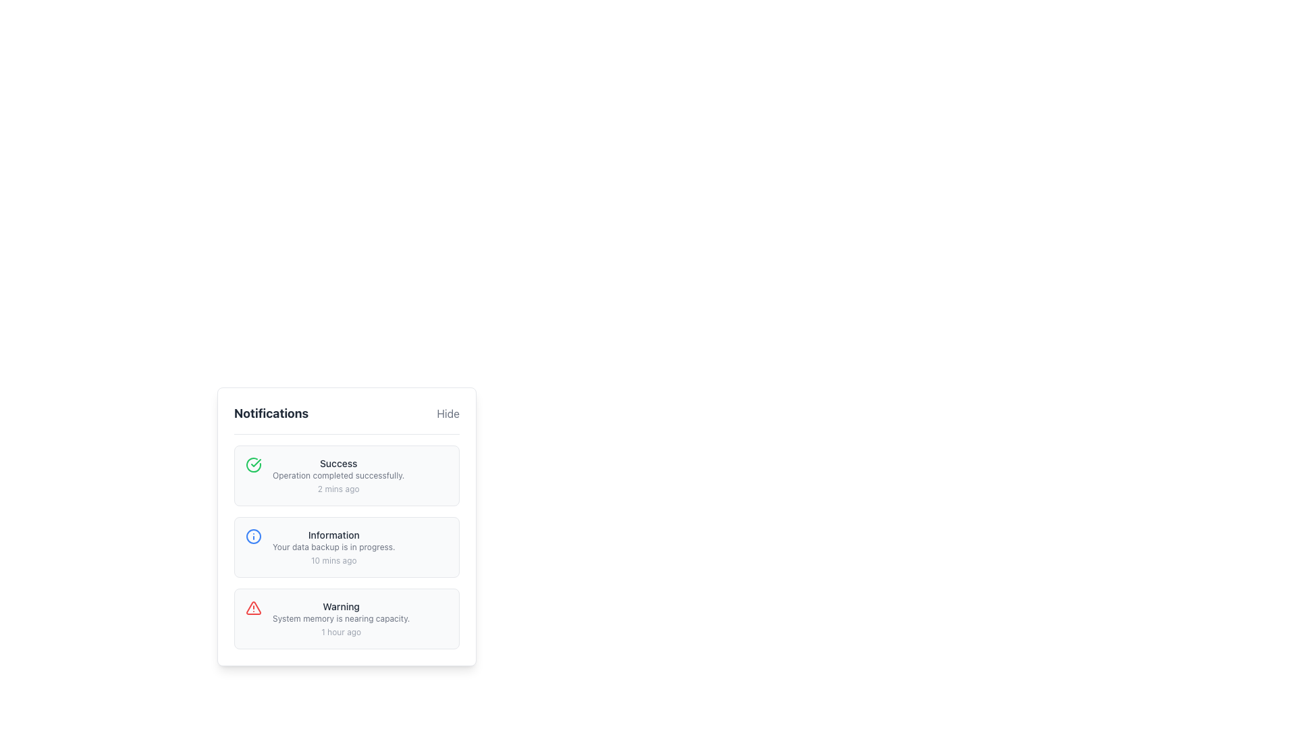 This screenshot has height=729, width=1296. I want to click on the Text Label that displays the timestamp for the elapsed time since the associated notification was generated, located within the 'Information' notification group, and positioned below the message text 'Your data backup is in progress.', so click(333, 560).